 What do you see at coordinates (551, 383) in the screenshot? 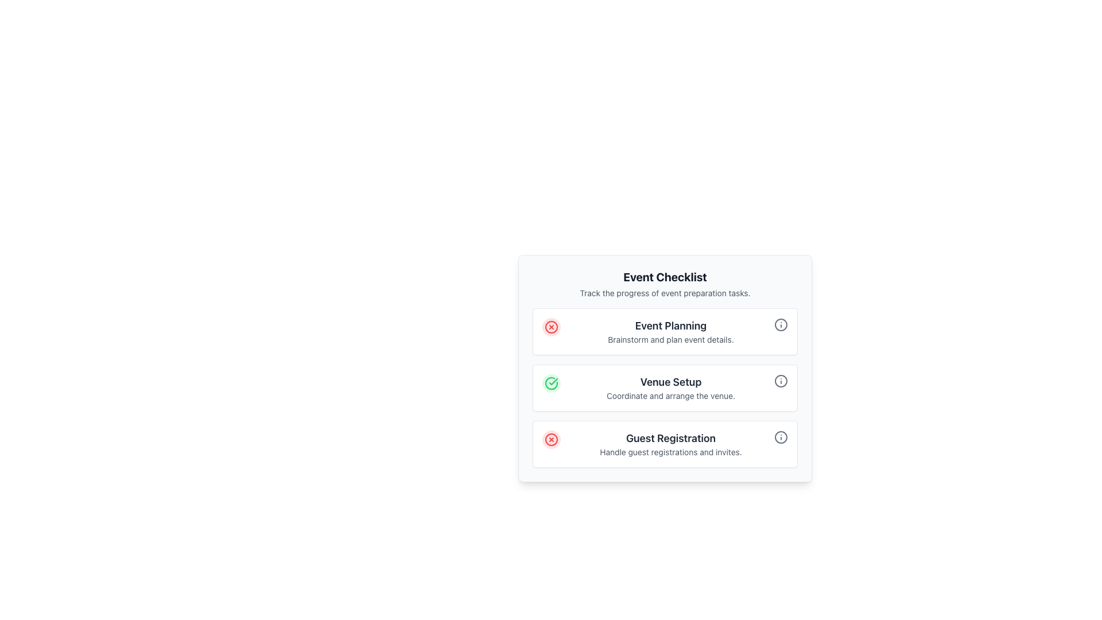
I see `the Circular status icon located to the left of the 'Venue Setup' text in the vertical checklist to trigger additional information or highlight it` at bounding box center [551, 383].